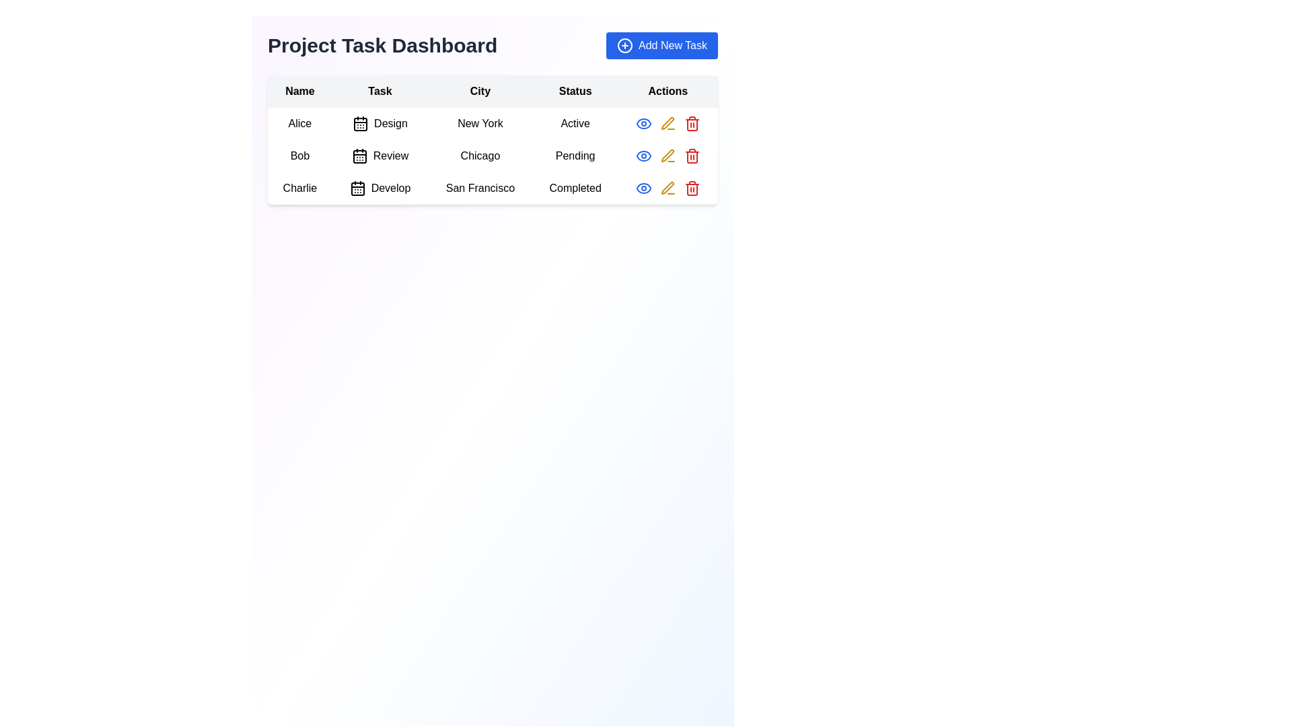  What do you see at coordinates (361, 125) in the screenshot?
I see `the calendar icon representing the 'Task' field for 'Alice' in the table, located in the first row adjacent to the text 'Design'` at bounding box center [361, 125].